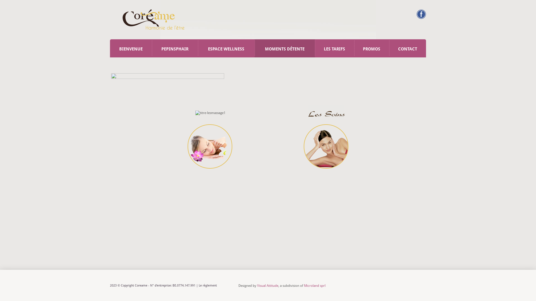 The image size is (536, 301). I want to click on 'Visual Attitude', so click(267, 286).